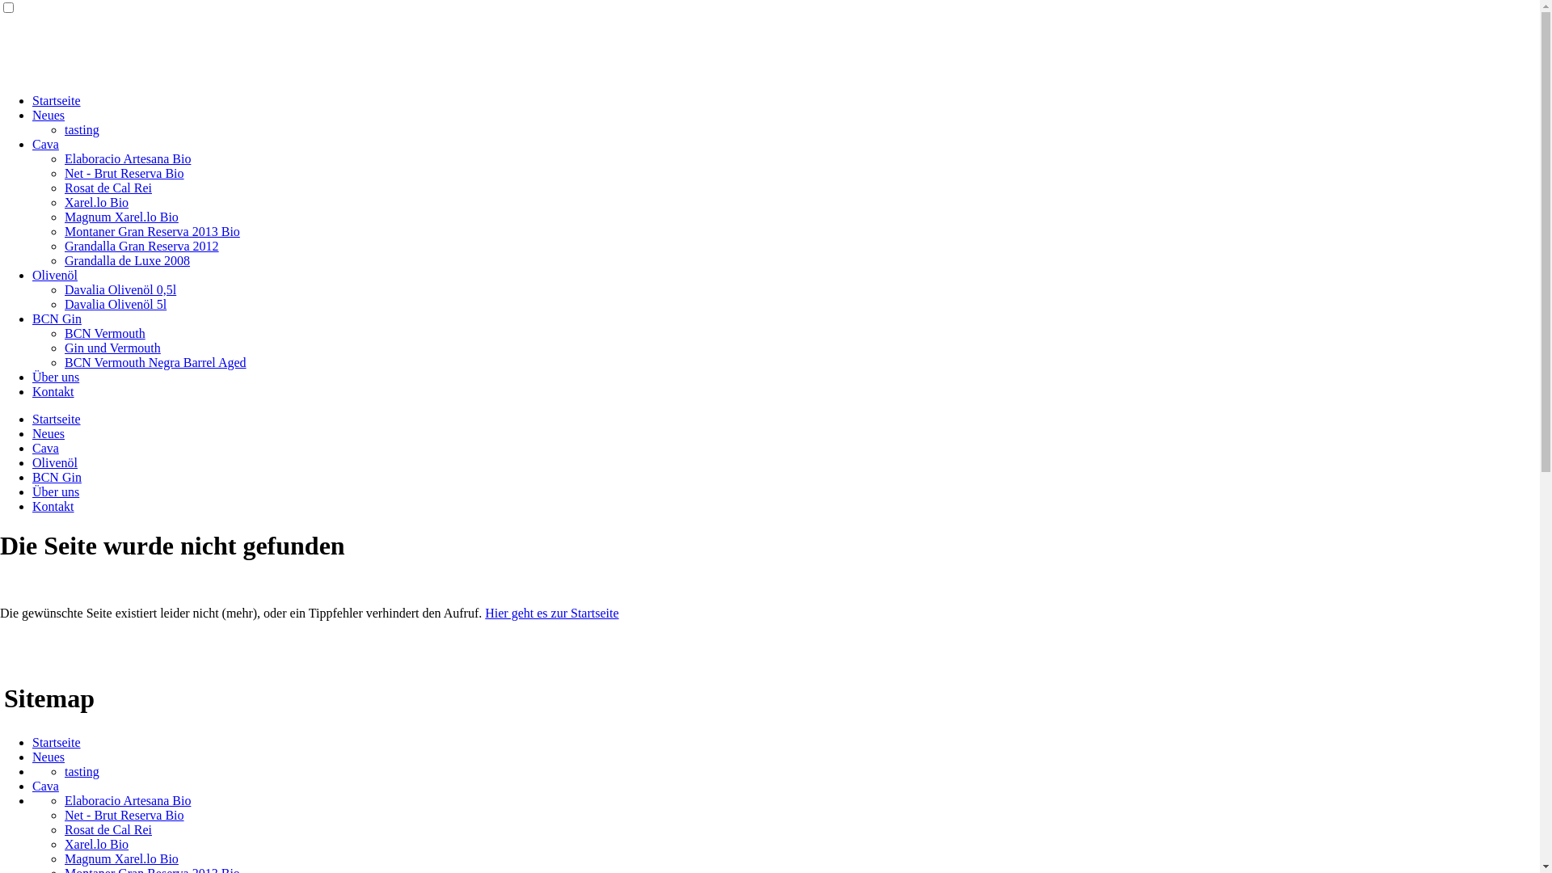  What do you see at coordinates (48, 114) in the screenshot?
I see `'Neues'` at bounding box center [48, 114].